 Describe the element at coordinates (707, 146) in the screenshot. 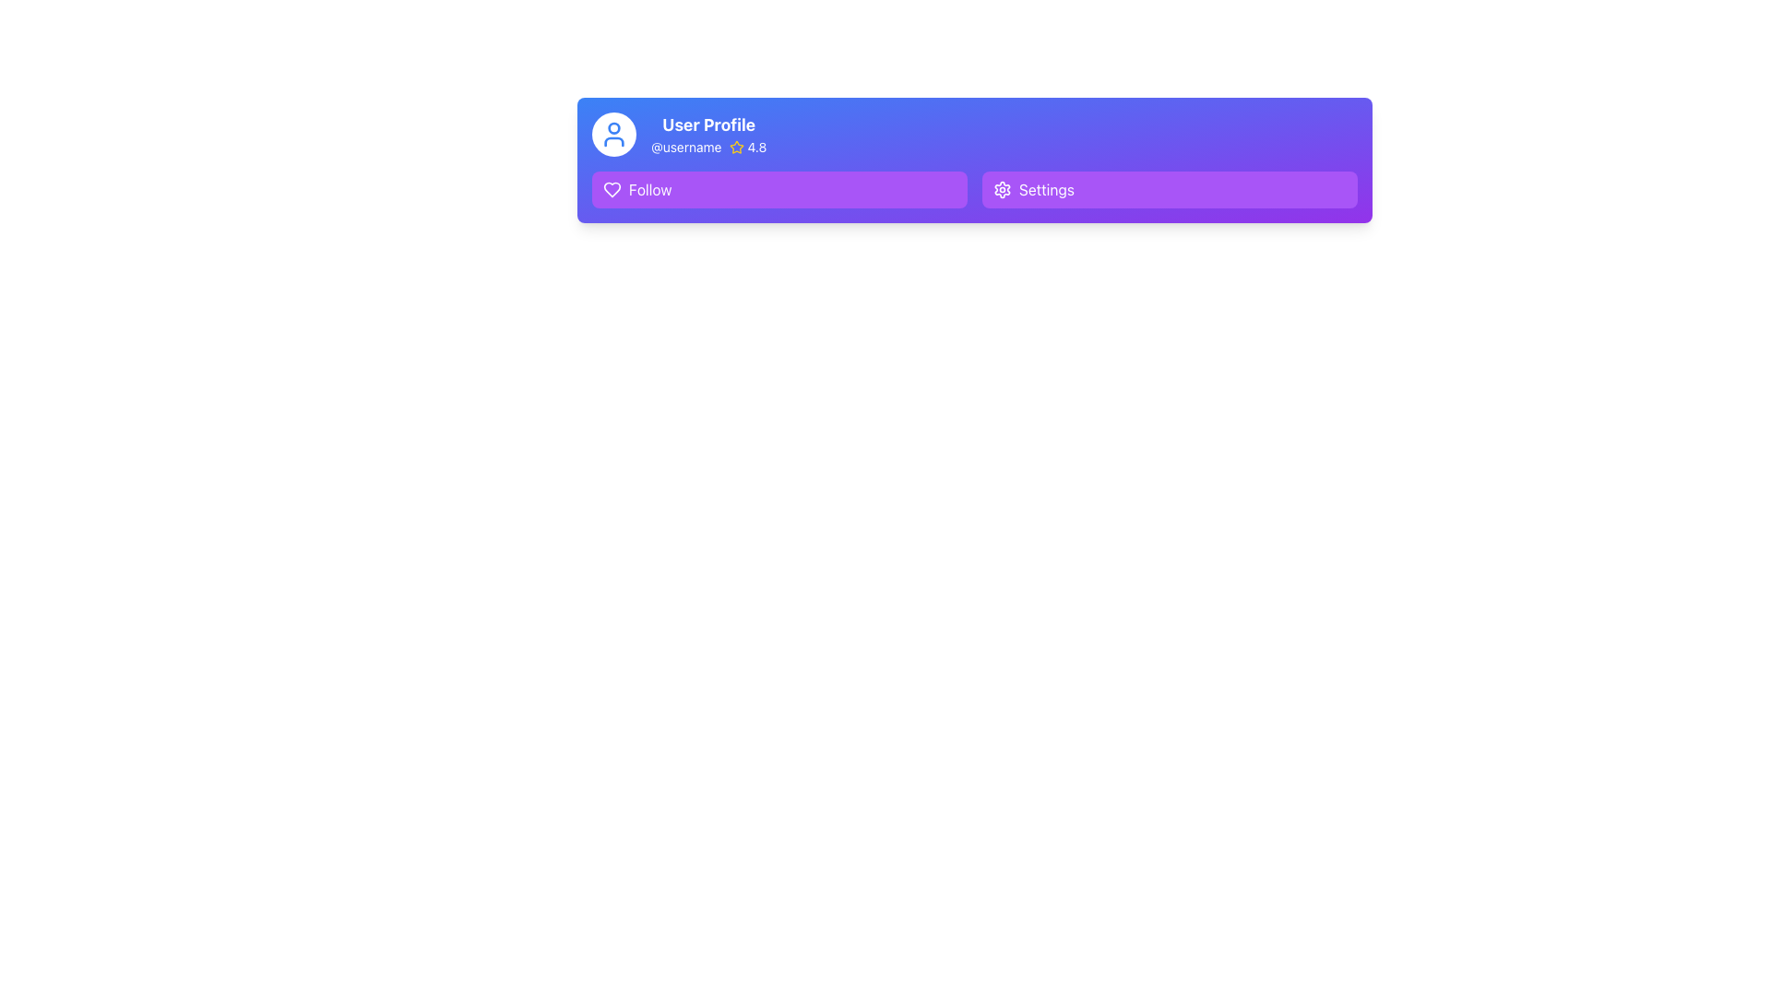

I see `contents of the Composite element displaying the username '@username', a star icon, and the numeric rating '4.8', located beneath the 'User Profile' header` at that location.